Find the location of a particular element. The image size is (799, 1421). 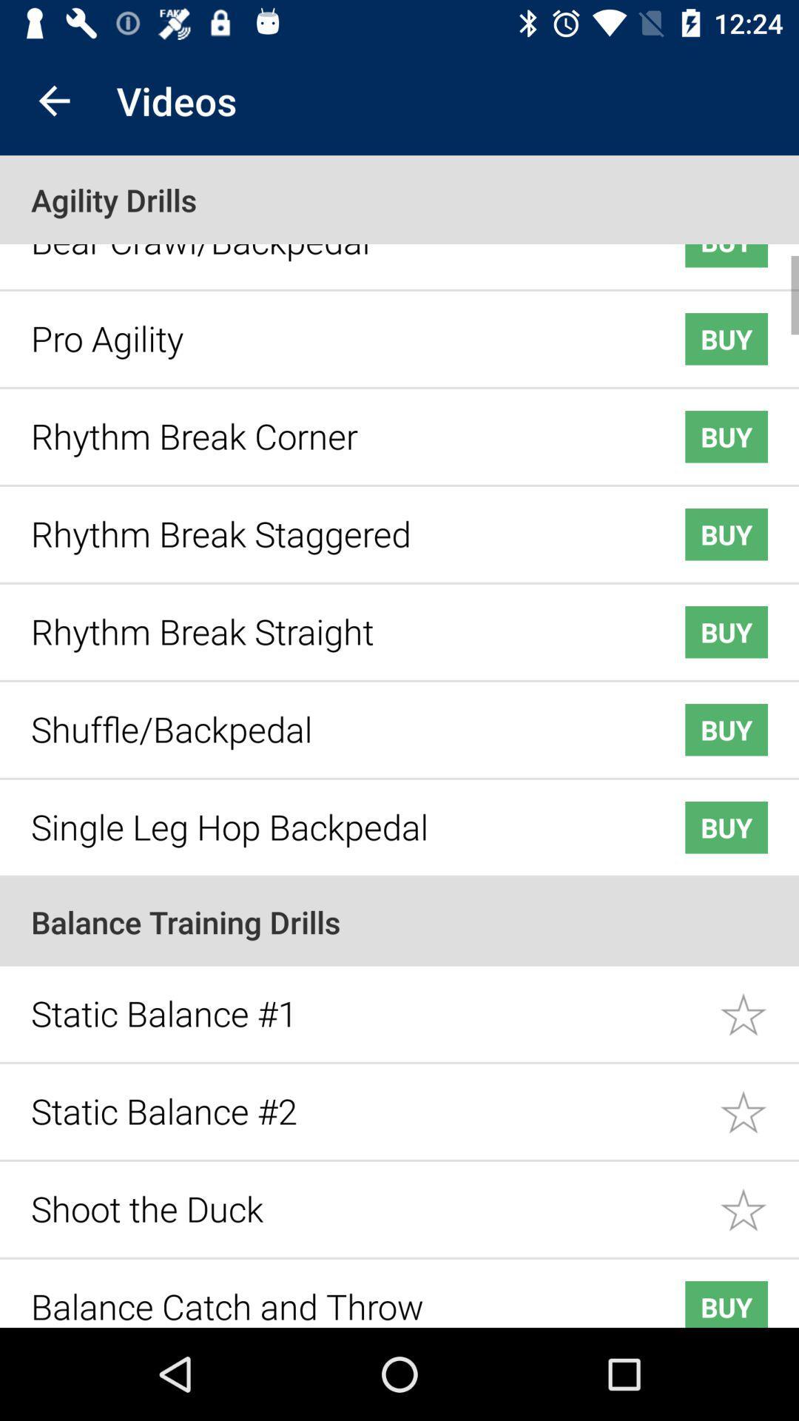

item to the left of the buy is located at coordinates (334, 1294).